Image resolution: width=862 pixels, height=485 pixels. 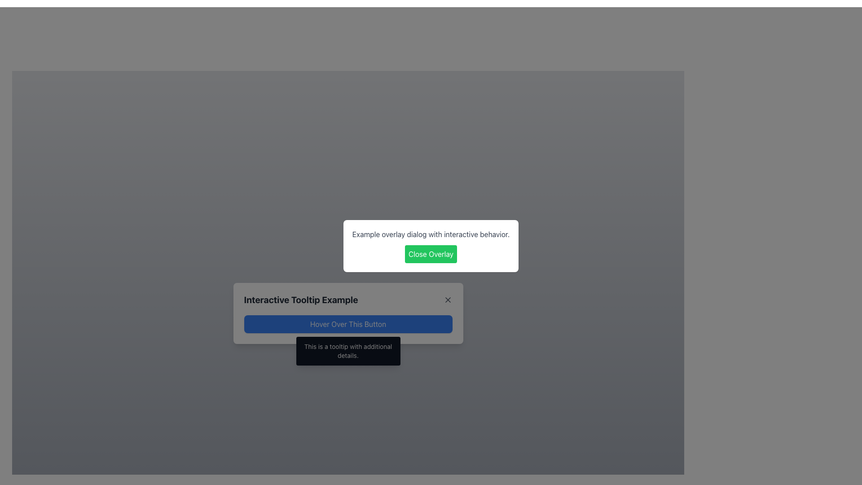 I want to click on the 'X' icon, so click(x=448, y=300).